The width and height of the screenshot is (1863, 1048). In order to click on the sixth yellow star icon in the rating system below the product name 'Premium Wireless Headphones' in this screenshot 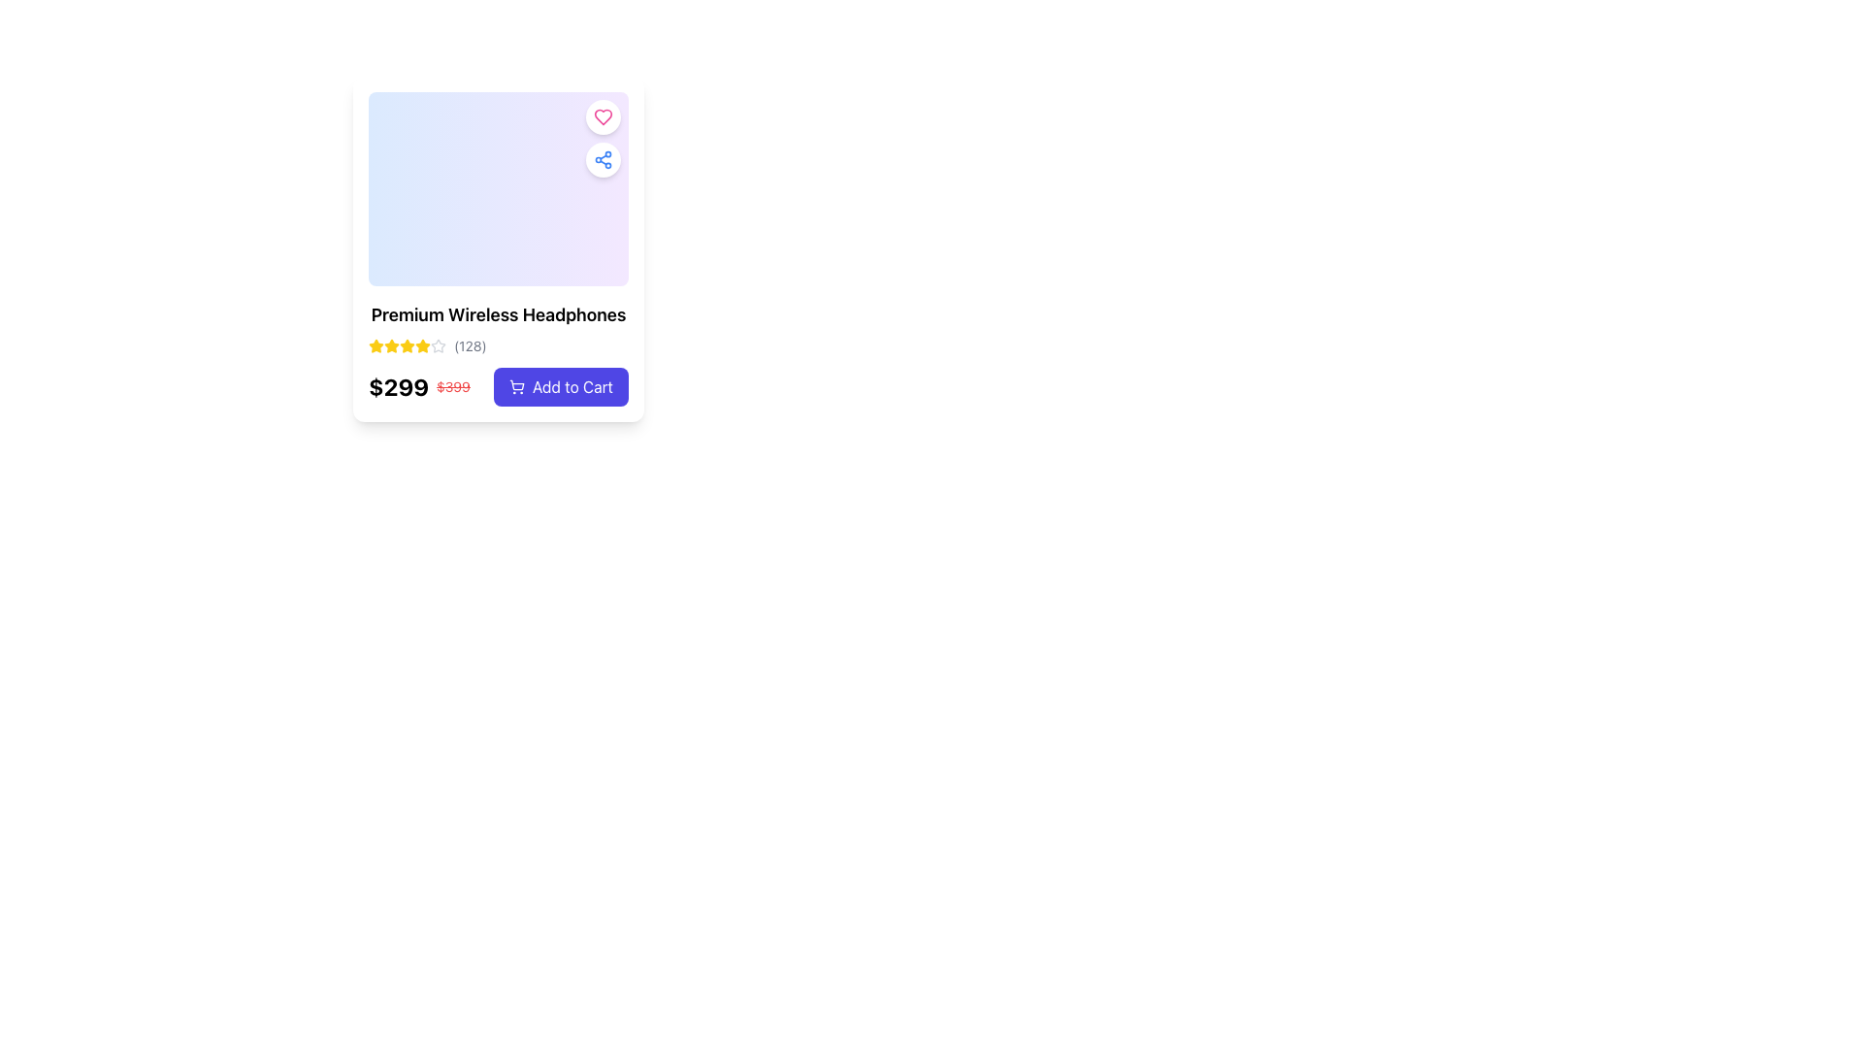, I will do `click(422, 345)`.